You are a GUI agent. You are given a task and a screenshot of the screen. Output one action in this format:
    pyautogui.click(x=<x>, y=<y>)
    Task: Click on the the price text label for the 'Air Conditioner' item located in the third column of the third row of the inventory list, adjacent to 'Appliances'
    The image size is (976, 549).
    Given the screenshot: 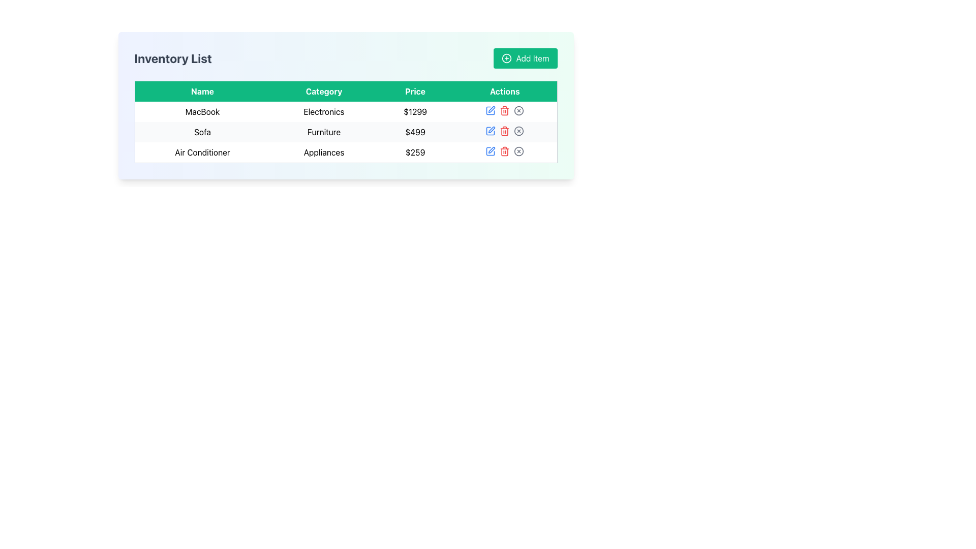 What is the action you would take?
    pyautogui.click(x=415, y=152)
    